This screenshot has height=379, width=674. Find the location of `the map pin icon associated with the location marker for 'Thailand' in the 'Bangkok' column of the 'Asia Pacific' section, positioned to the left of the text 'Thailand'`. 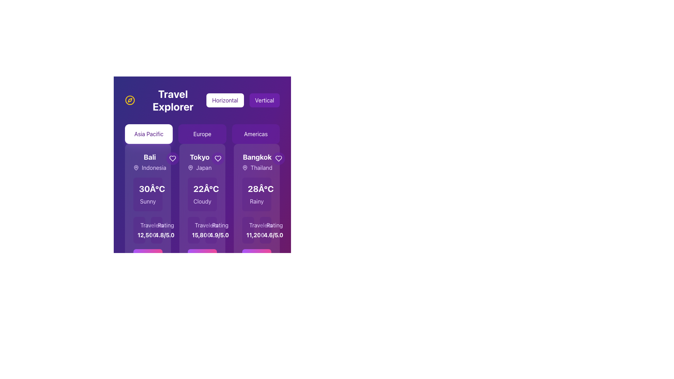

the map pin icon associated with the location marker for 'Thailand' in the 'Bangkok' column of the 'Asia Pacific' section, positioned to the left of the text 'Thailand' is located at coordinates (245, 168).